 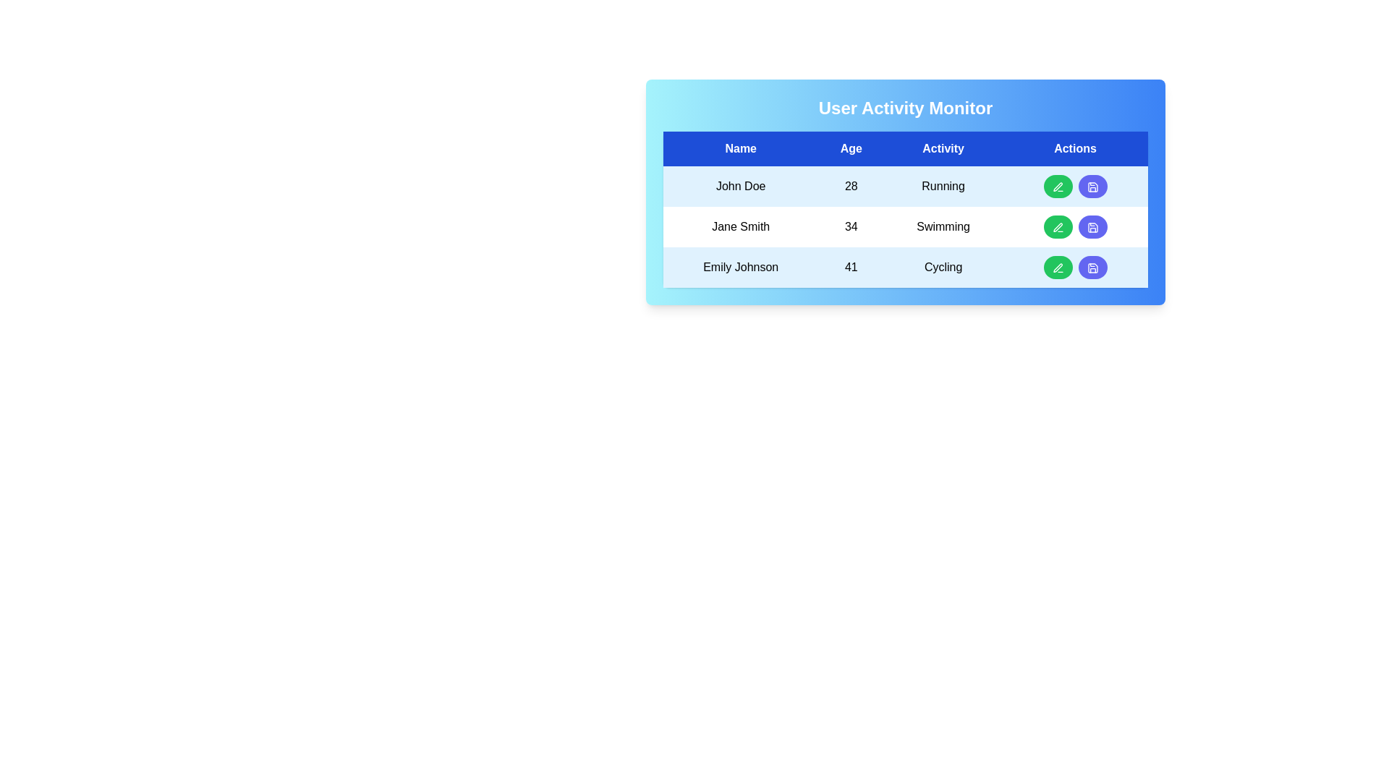 I want to click on the edit button for the Emily Johnson row, so click(x=1058, y=268).